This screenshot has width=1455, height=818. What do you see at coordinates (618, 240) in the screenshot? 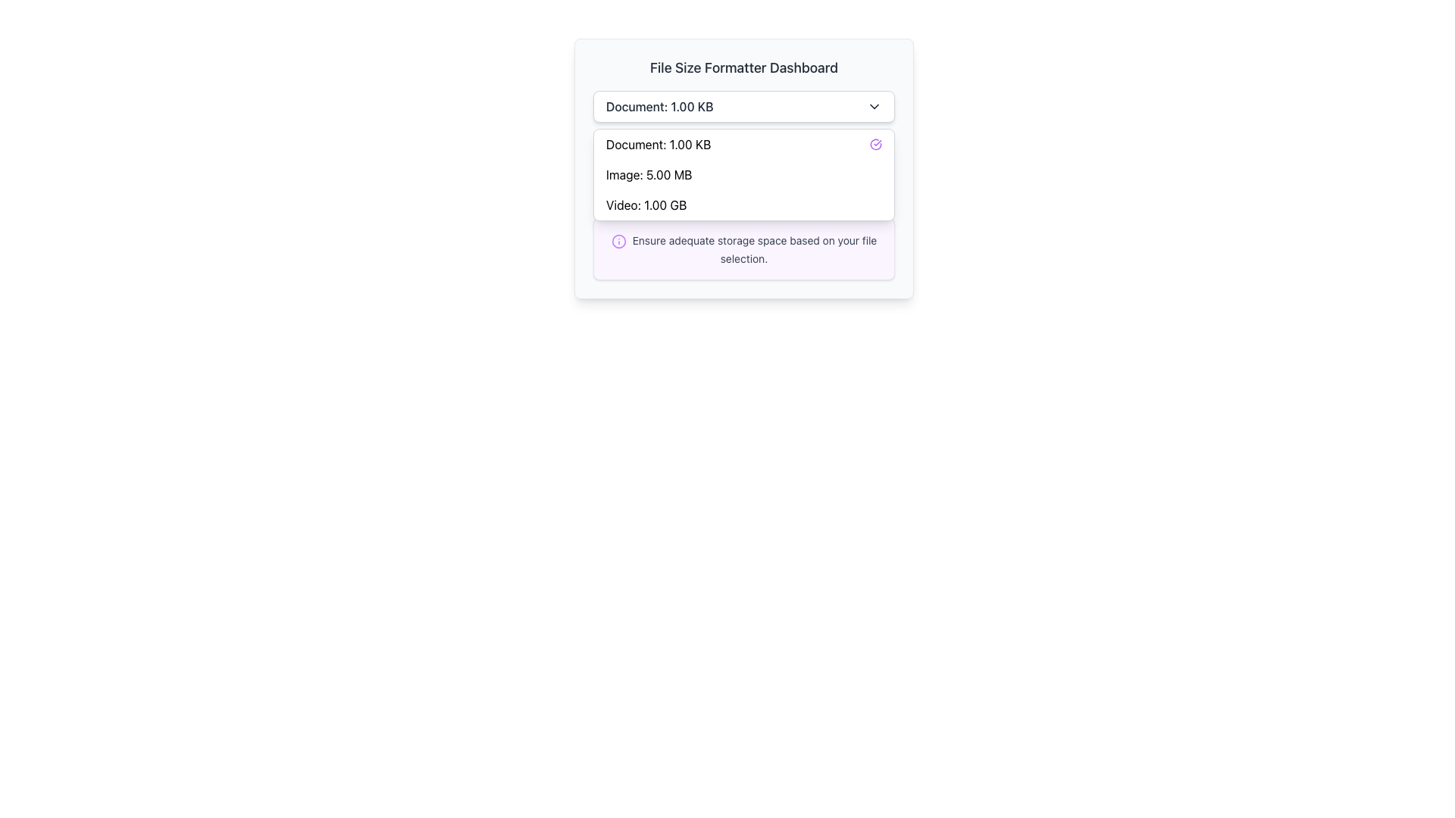
I see `the circular graphical element that serves as a visual indicator for the warning or informational message, located before the text 'Ensure adequate storage space based on your file selection'` at bounding box center [618, 240].